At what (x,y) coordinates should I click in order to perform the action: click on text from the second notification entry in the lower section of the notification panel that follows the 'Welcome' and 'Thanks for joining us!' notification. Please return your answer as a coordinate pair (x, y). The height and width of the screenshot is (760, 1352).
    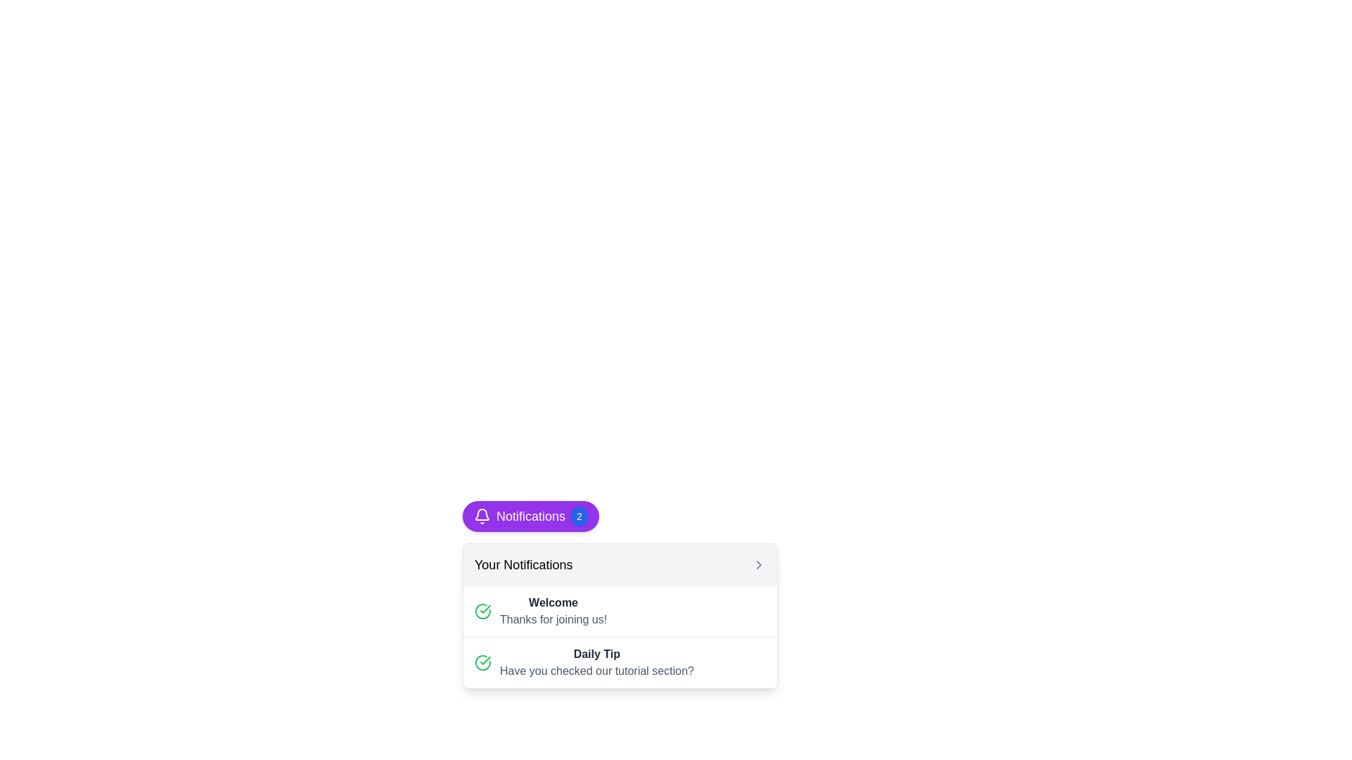
    Looking at the image, I should click on (620, 662).